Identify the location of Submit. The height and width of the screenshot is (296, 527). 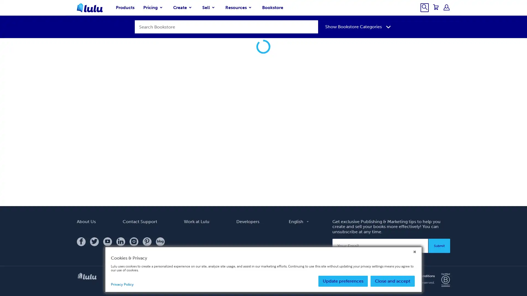
(439, 253).